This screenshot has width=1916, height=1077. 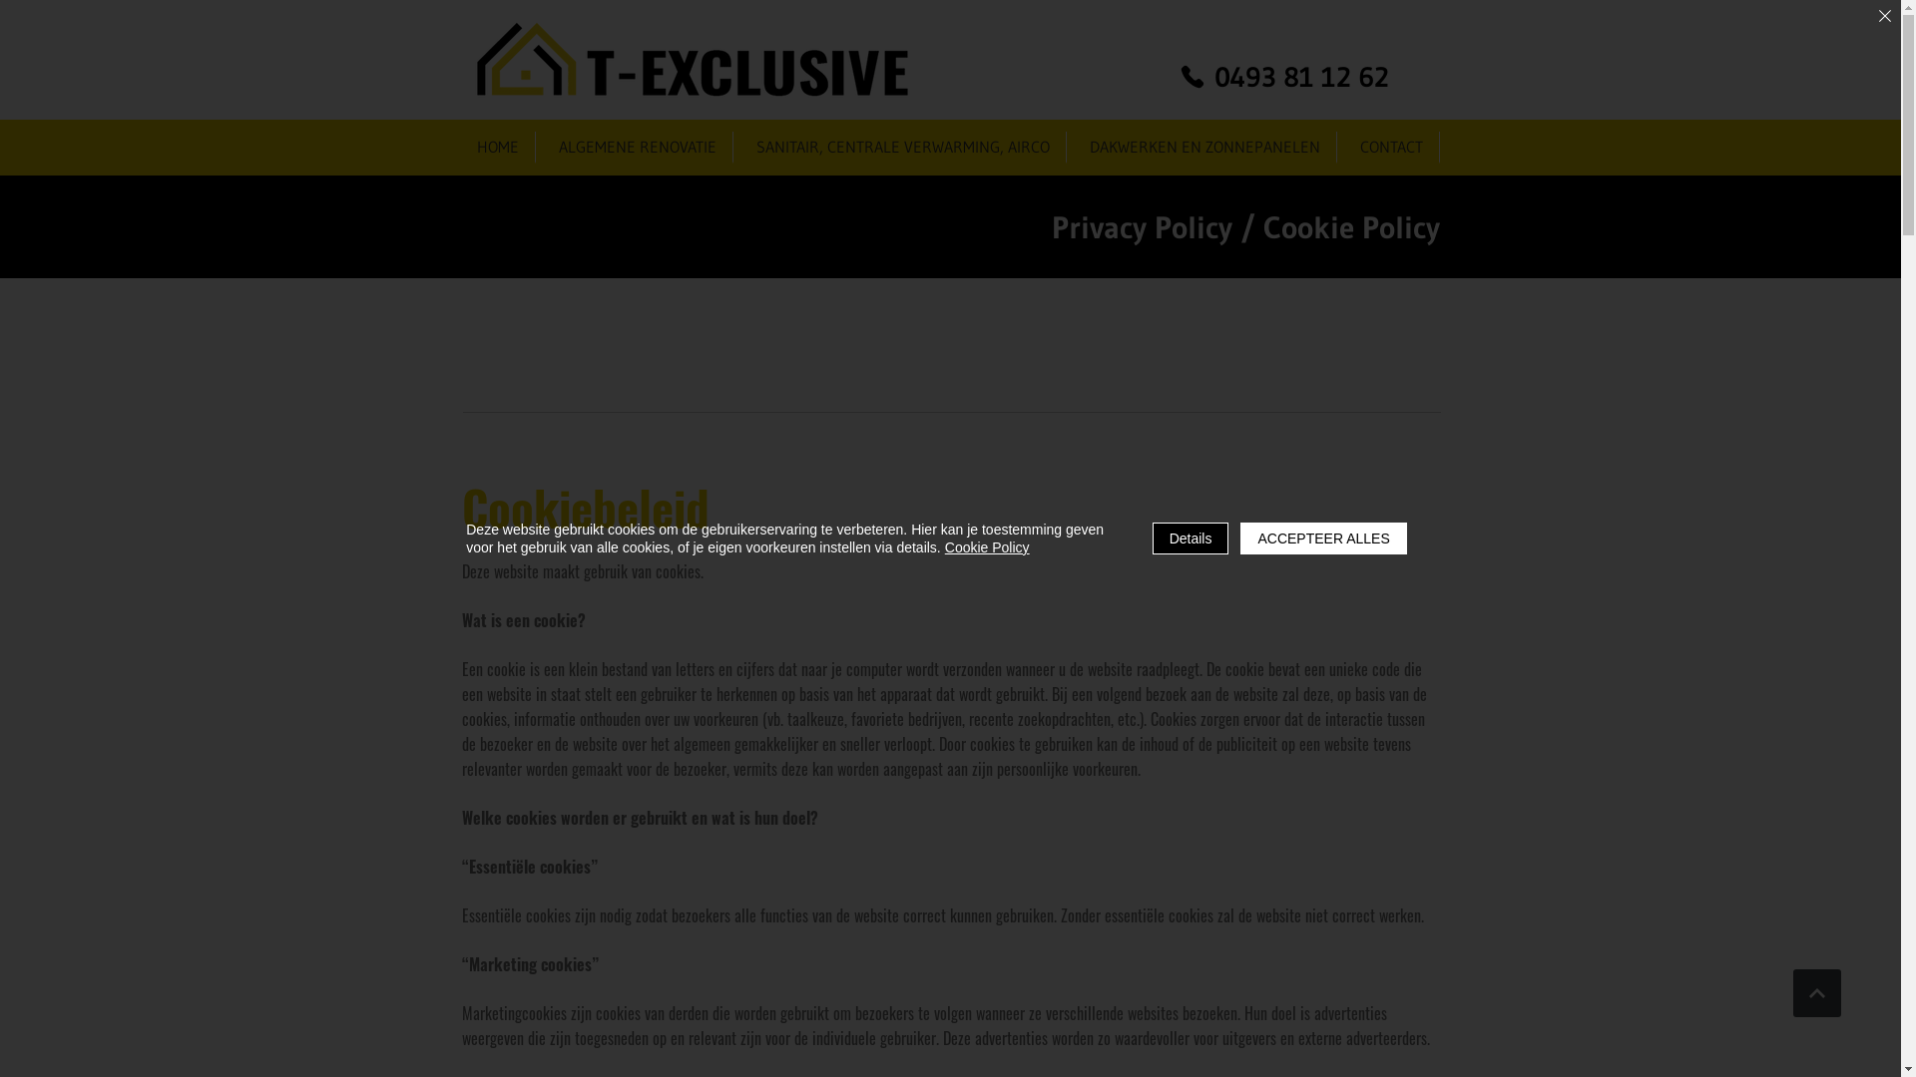 What do you see at coordinates (636, 146) in the screenshot?
I see `'ALGEMENE RENOVATIE'` at bounding box center [636, 146].